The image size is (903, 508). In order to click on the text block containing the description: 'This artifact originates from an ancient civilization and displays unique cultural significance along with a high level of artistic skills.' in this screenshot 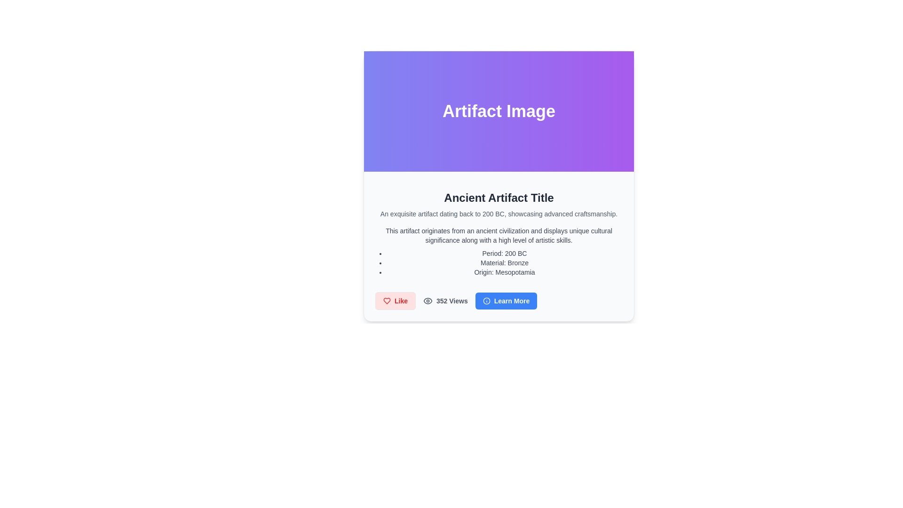, I will do `click(498, 235)`.